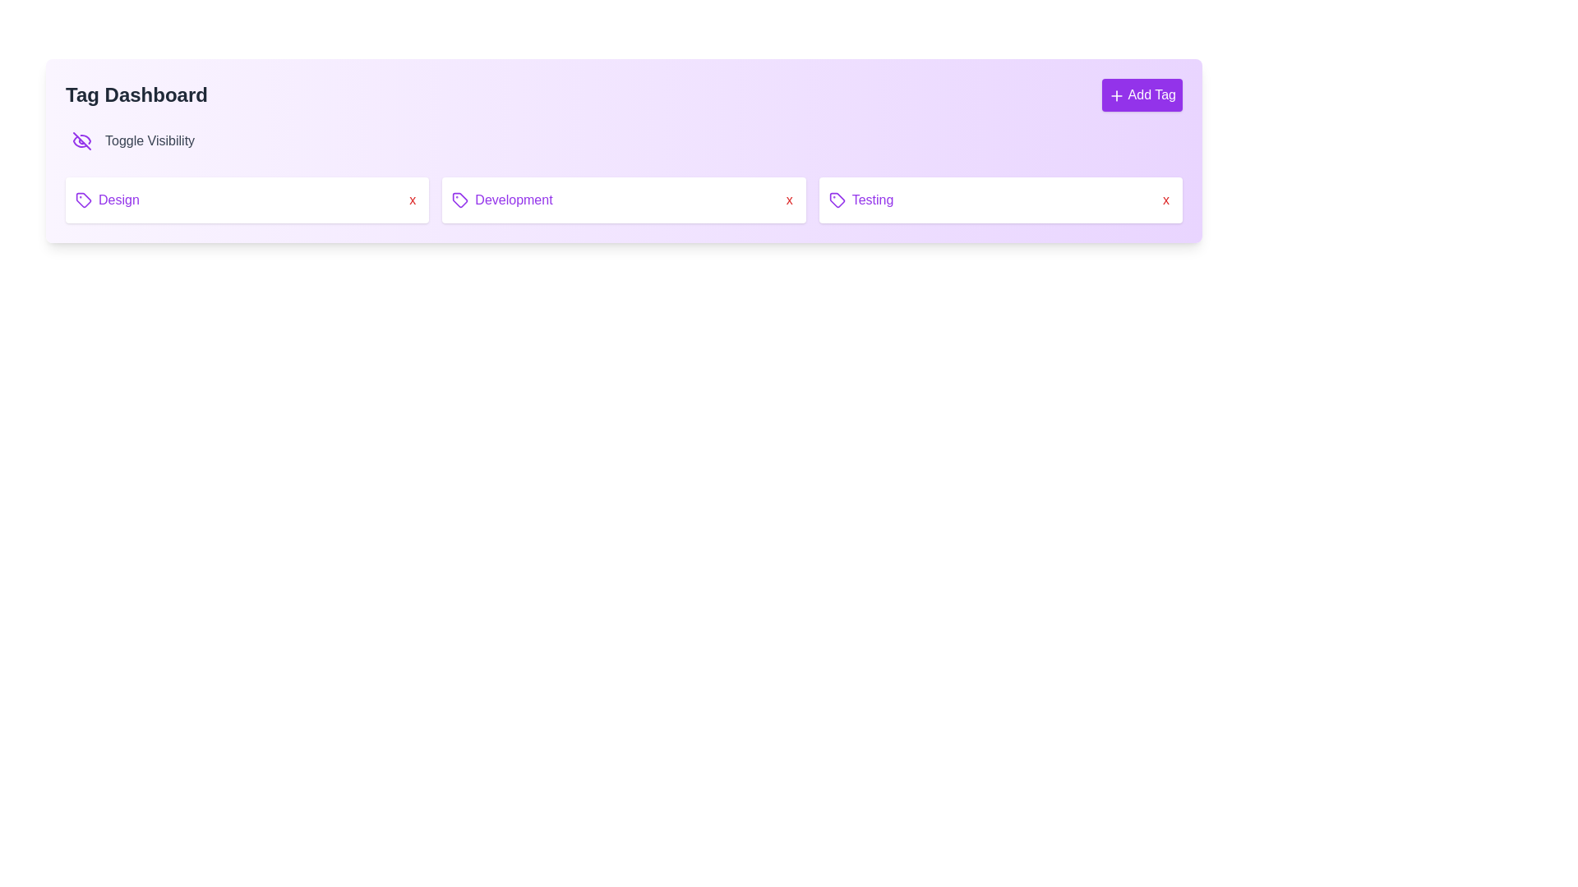 This screenshot has height=887, width=1578. I want to click on the tag icon located before the 'Testing' text in the purple segment of the interface, so click(837, 199).